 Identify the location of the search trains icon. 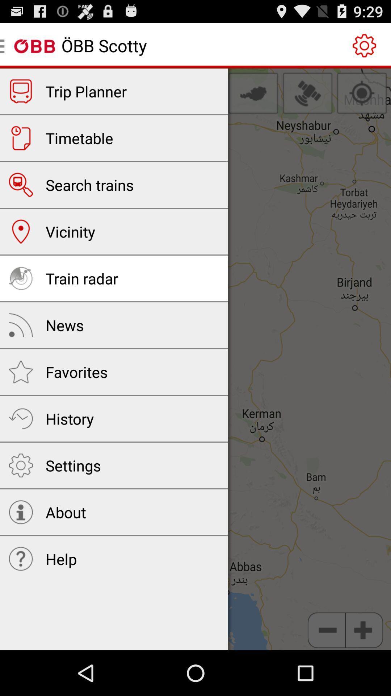
(89, 185).